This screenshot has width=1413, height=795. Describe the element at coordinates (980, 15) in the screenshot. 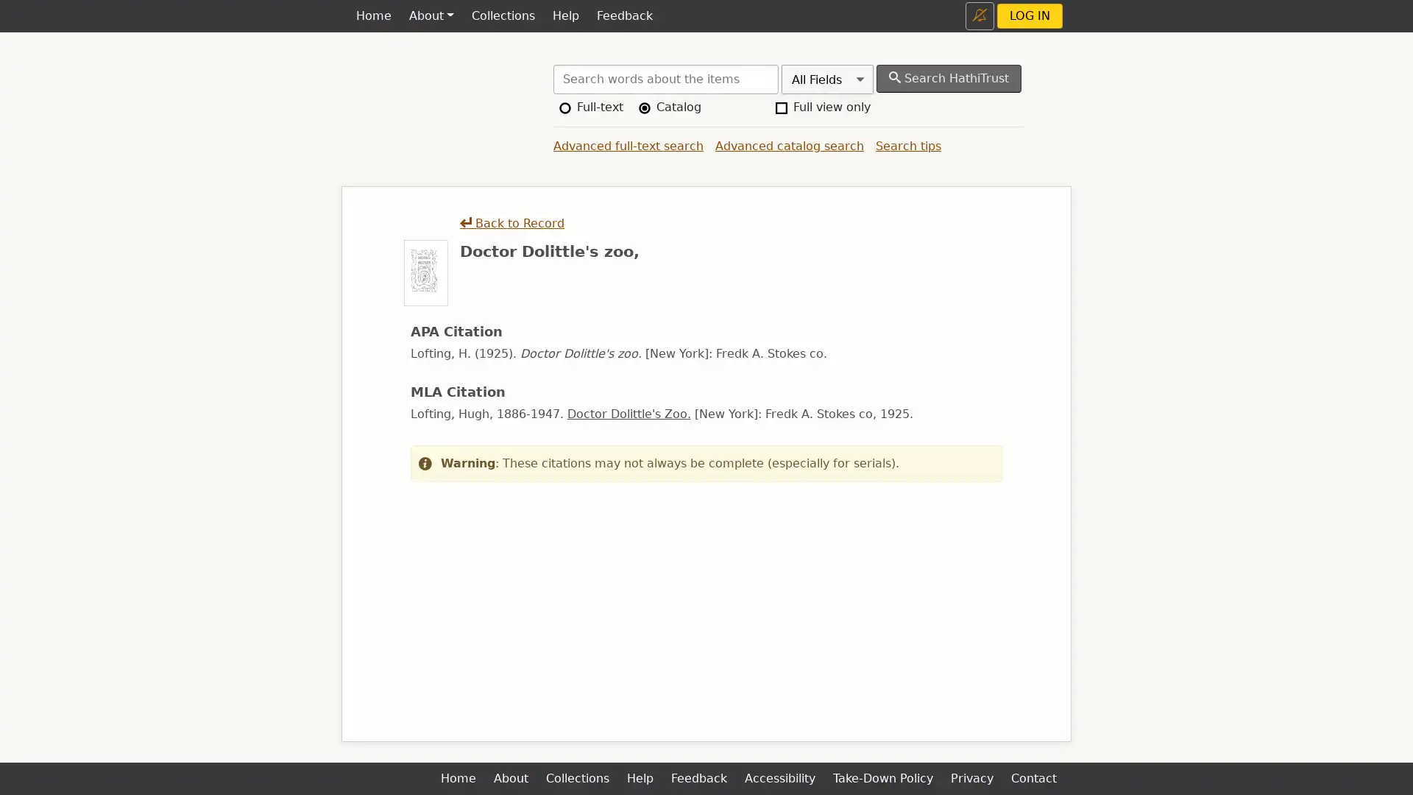

I see `Toggle Notifications` at that location.